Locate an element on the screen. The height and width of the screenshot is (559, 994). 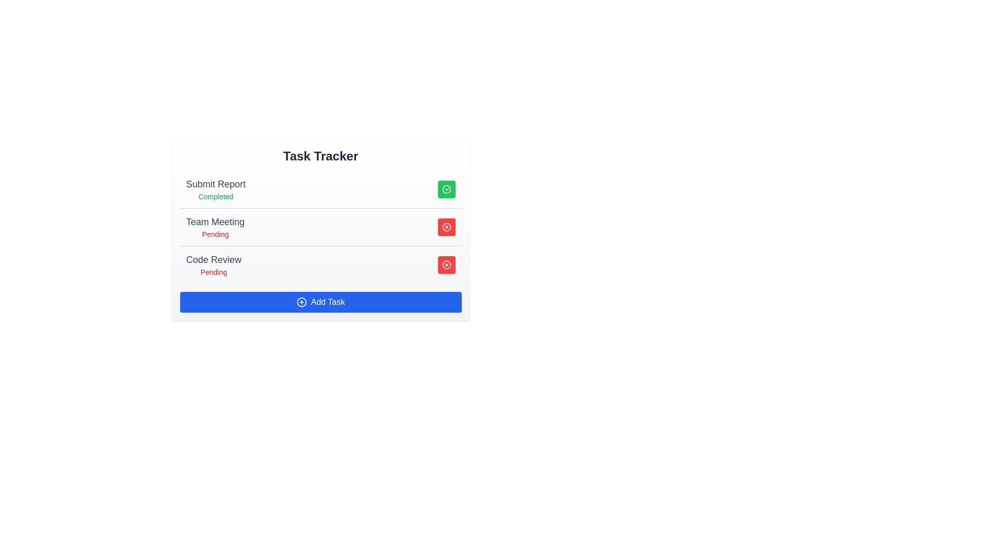
the Text Display element that shows the task 'Submit Report' with status 'Completed', located in the first task entry of the task list is located at coordinates (215, 189).